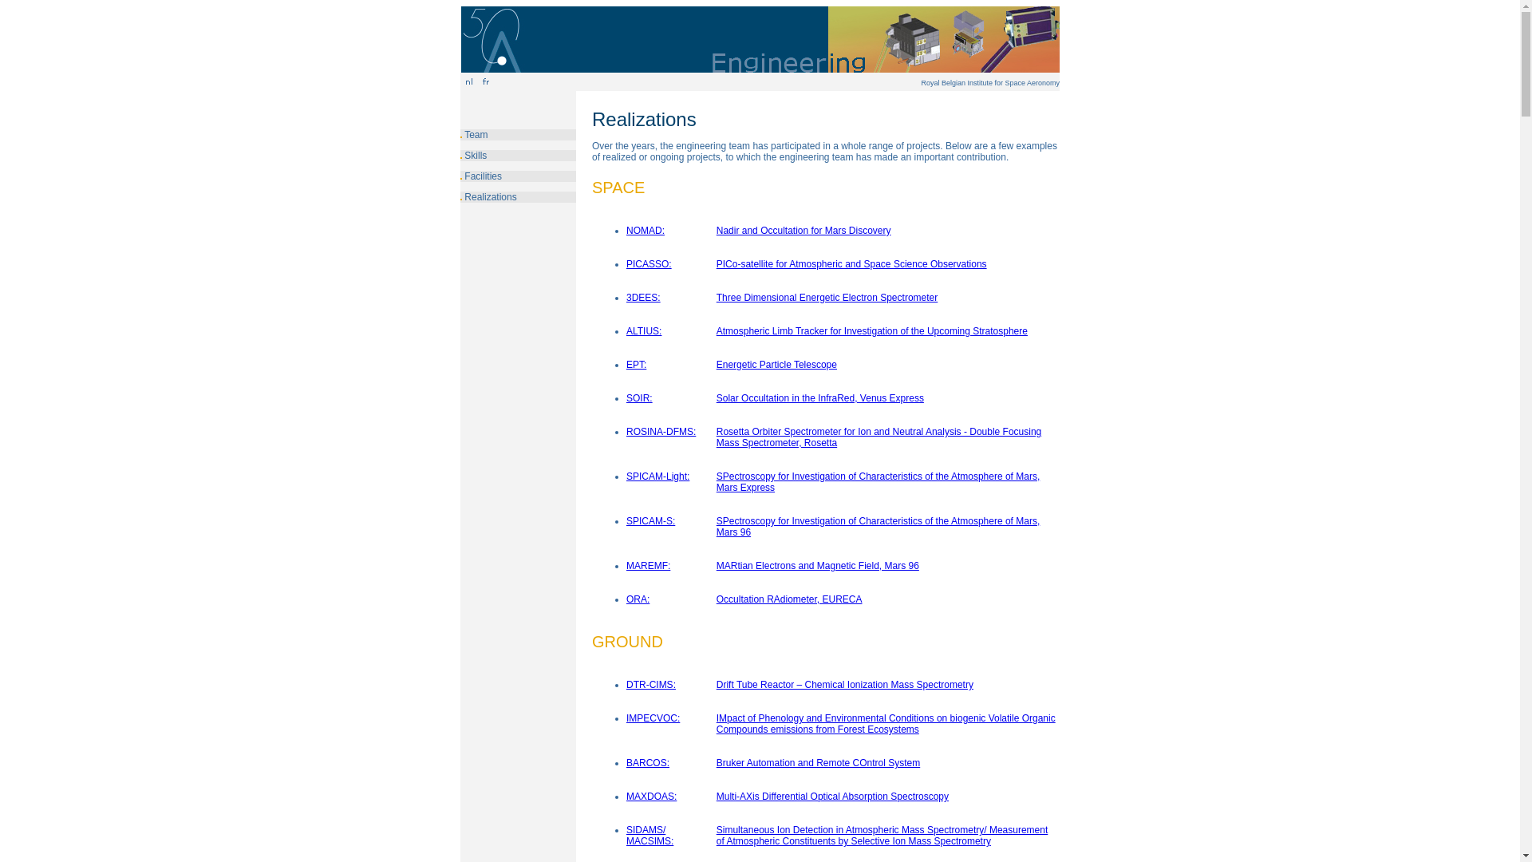 The height and width of the screenshot is (862, 1532). I want to click on 'MAREMF:', so click(648, 565).